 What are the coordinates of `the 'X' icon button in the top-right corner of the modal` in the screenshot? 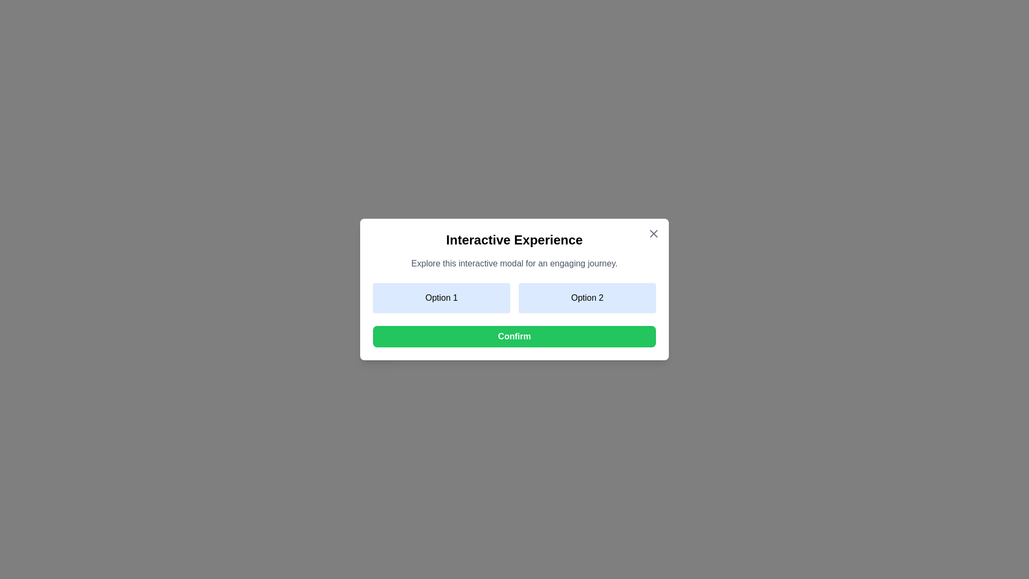 It's located at (653, 233).